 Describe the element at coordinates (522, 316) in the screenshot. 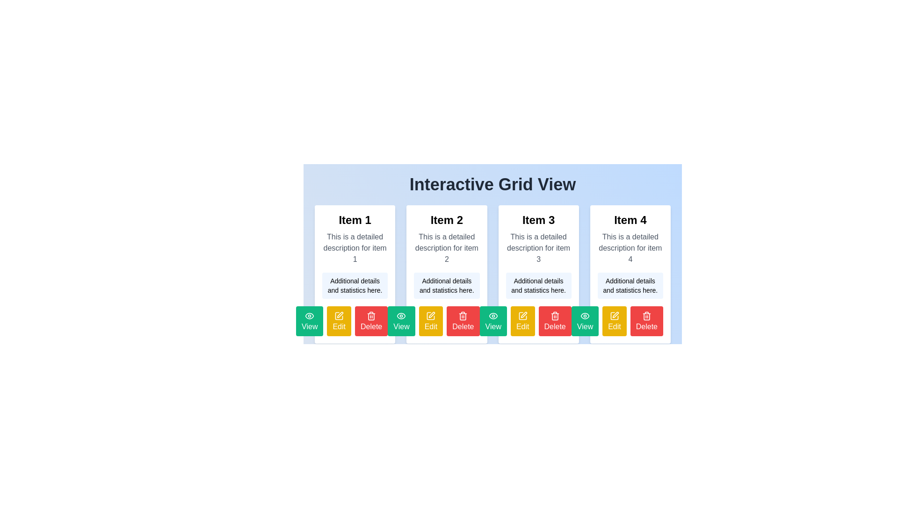

I see `the 'Edit' button icon located between the 'View' button and the 'Delete' button in the button group below the third item card` at that location.